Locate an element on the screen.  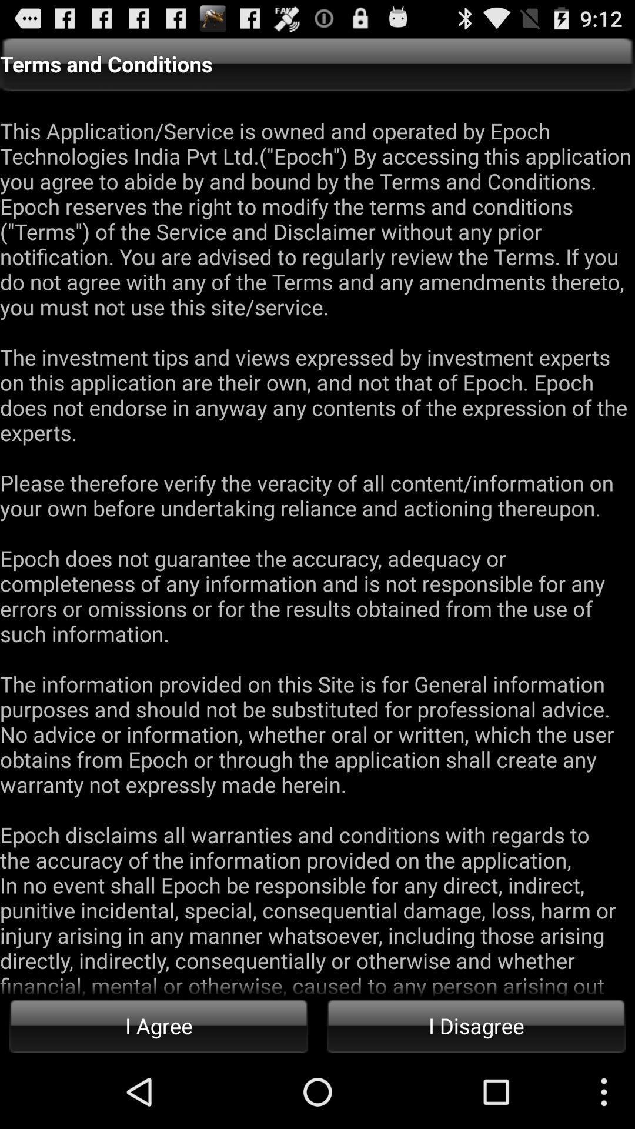
the icon below this application service icon is located at coordinates (159, 1025).